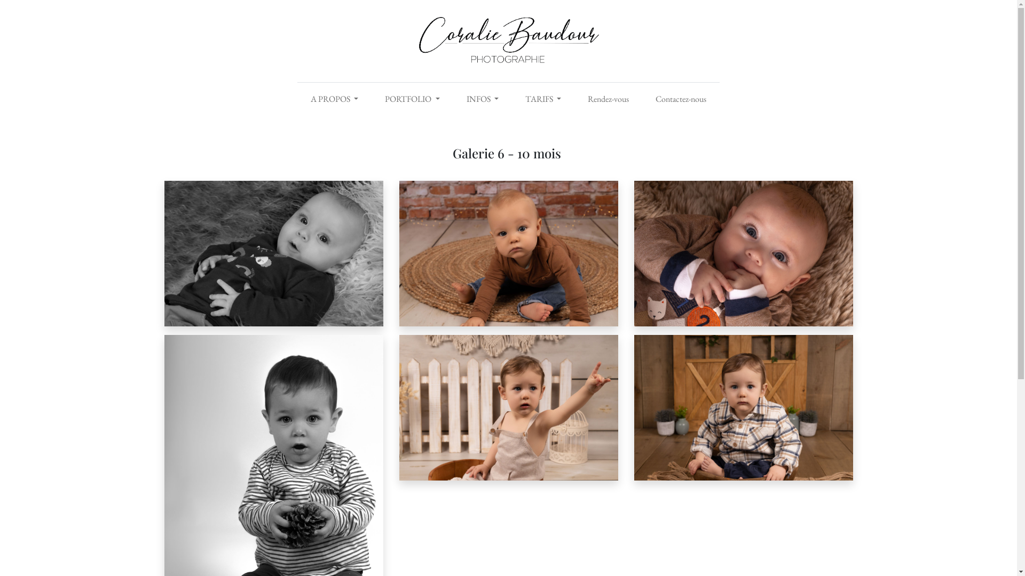  I want to click on 'TARIFS', so click(543, 99).